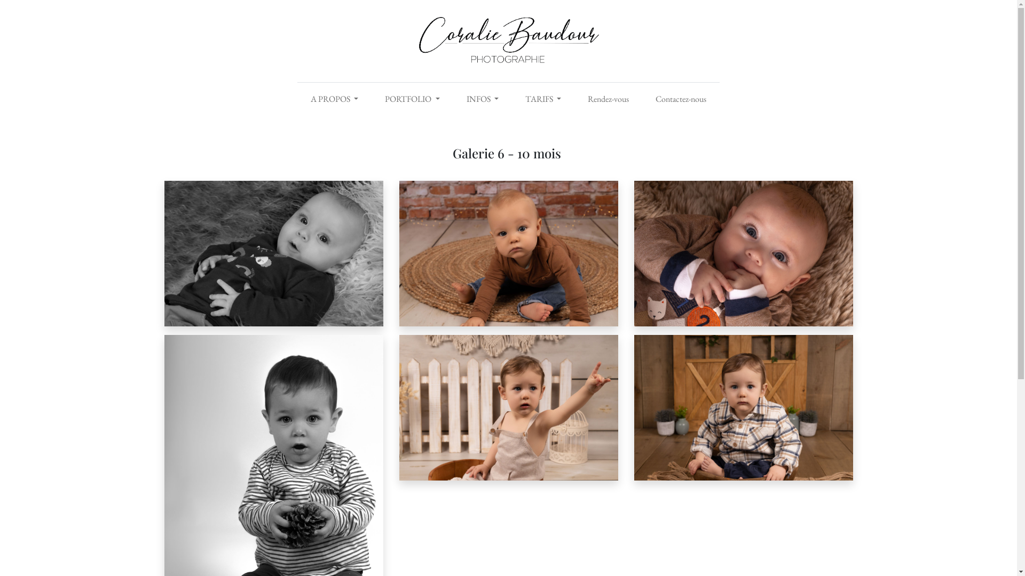  I want to click on 'TARIFS', so click(543, 99).